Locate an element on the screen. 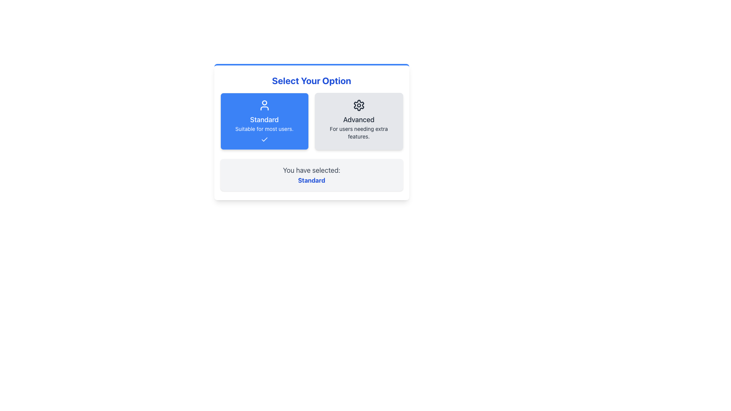 This screenshot has height=411, width=731. the Text Label located in the right card of a two-card layout, positioned below a gear icon and above the descriptive text 'For users needing extra features.' is located at coordinates (358, 120).